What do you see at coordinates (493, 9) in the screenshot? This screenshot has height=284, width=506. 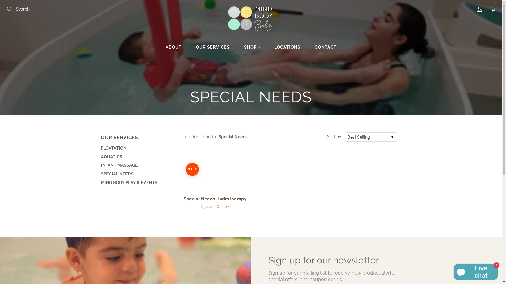 I see `'You have 0 items in your cart'` at bounding box center [493, 9].